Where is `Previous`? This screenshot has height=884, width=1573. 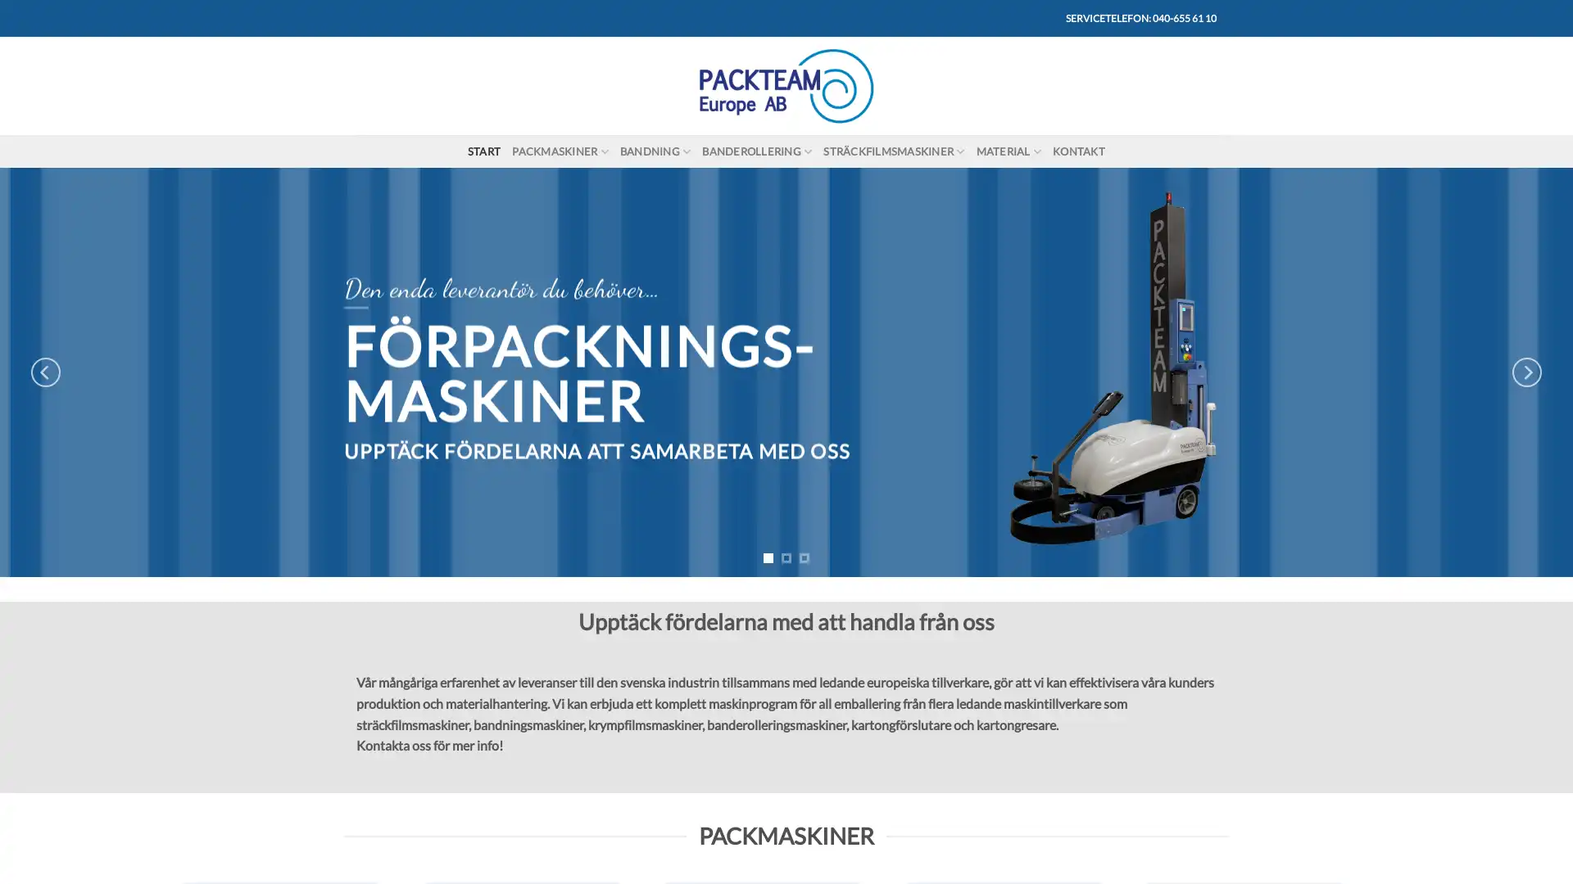
Previous is located at coordinates (357, 616).